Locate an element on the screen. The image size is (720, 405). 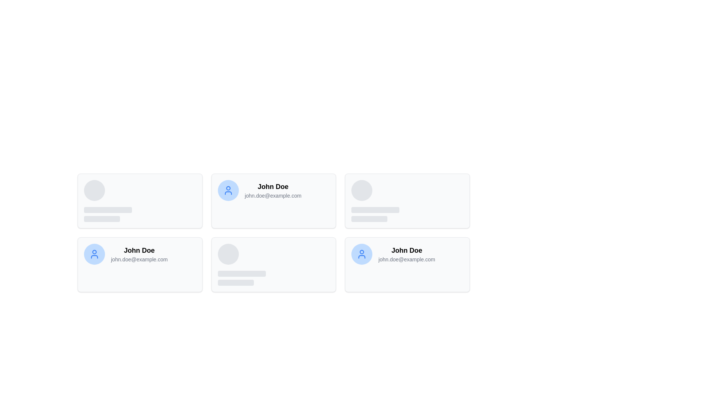
top-left Card placeholder element in the grid layout by clicking on it is located at coordinates (140, 201).